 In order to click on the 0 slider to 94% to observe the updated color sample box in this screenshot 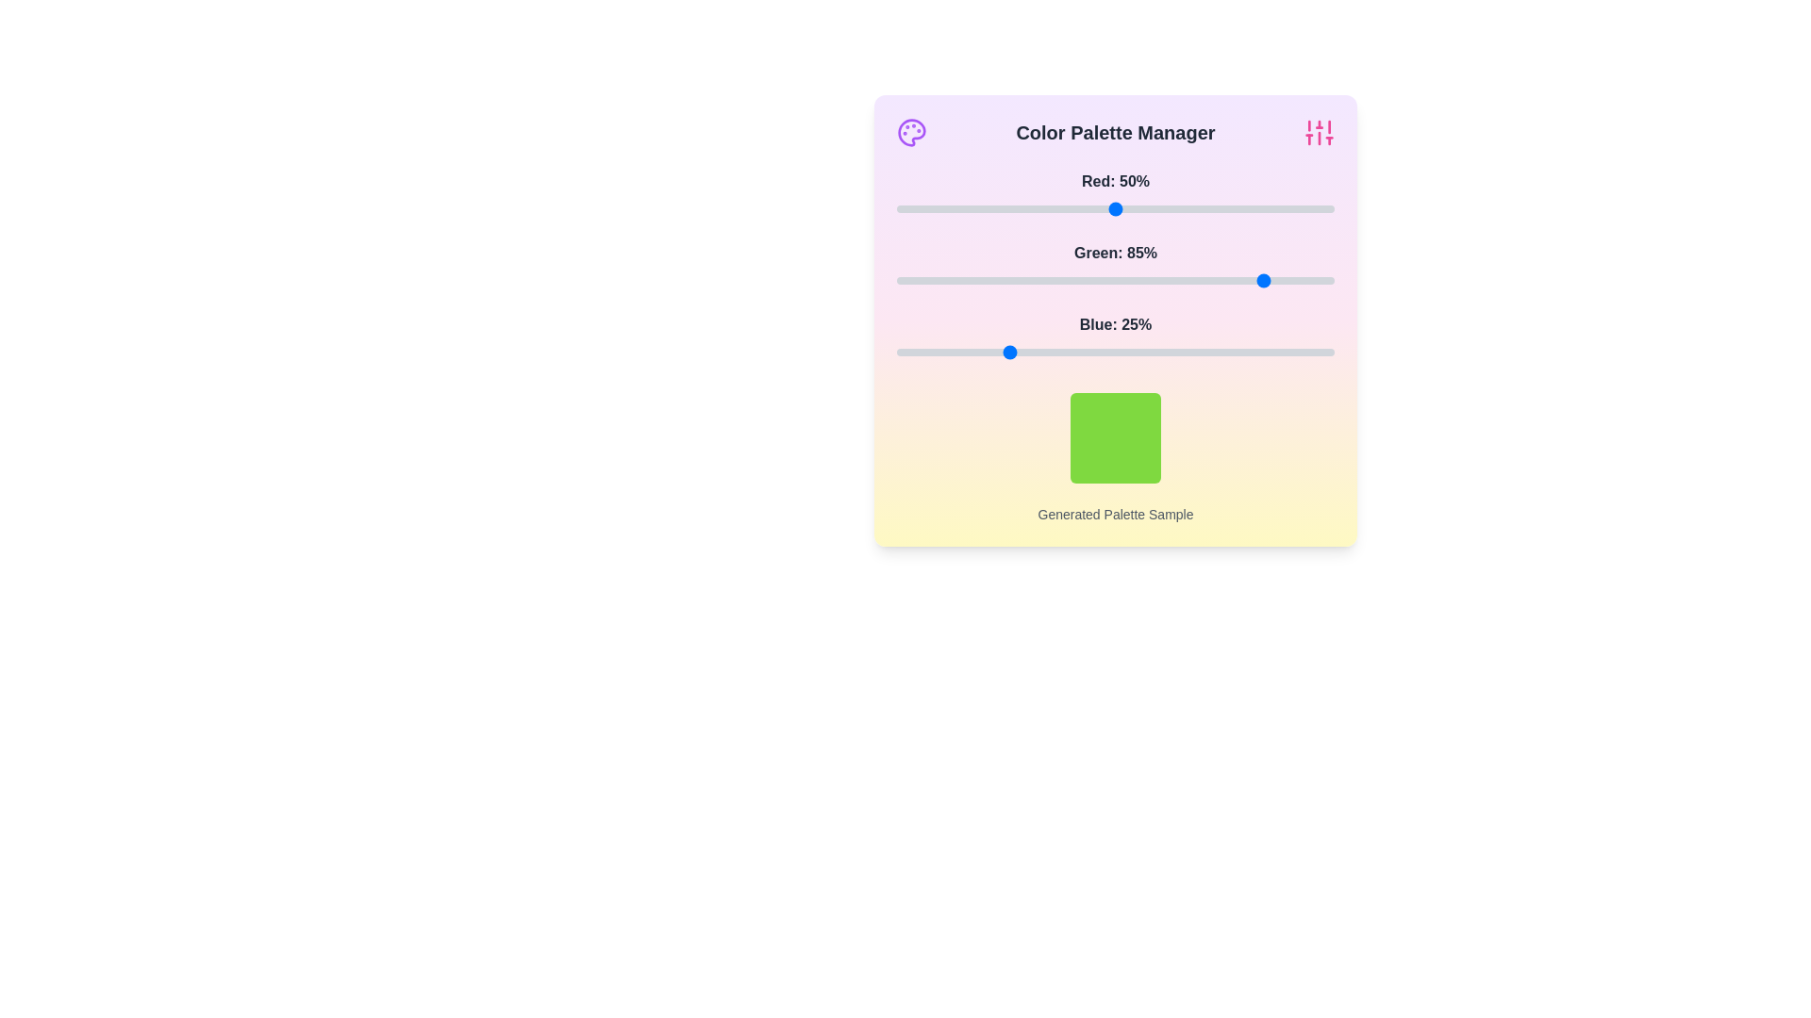, I will do `click(1307, 209)`.